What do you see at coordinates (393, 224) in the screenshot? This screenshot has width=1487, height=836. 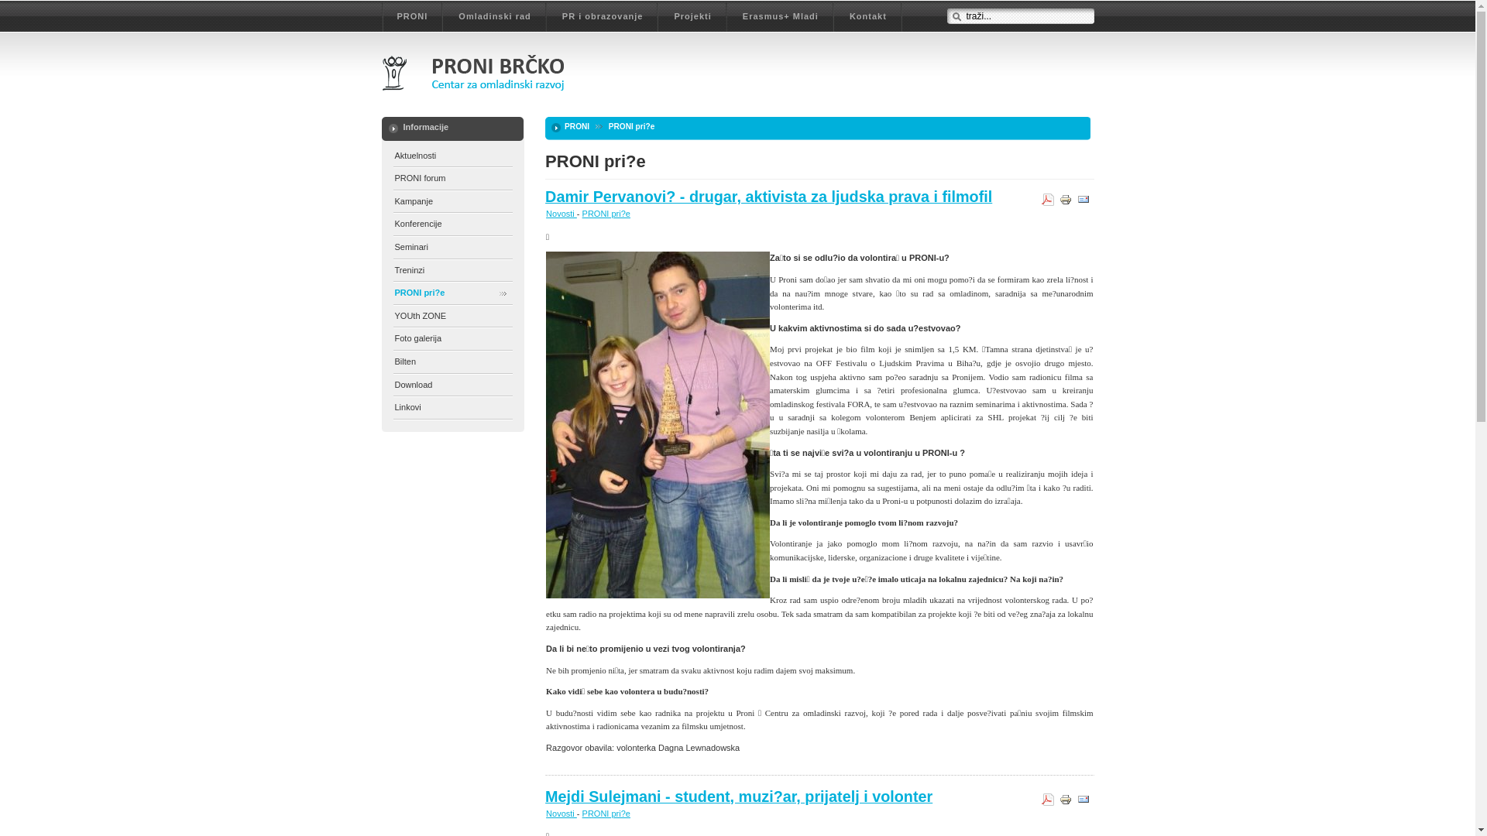 I see `'Konferencije'` at bounding box center [393, 224].